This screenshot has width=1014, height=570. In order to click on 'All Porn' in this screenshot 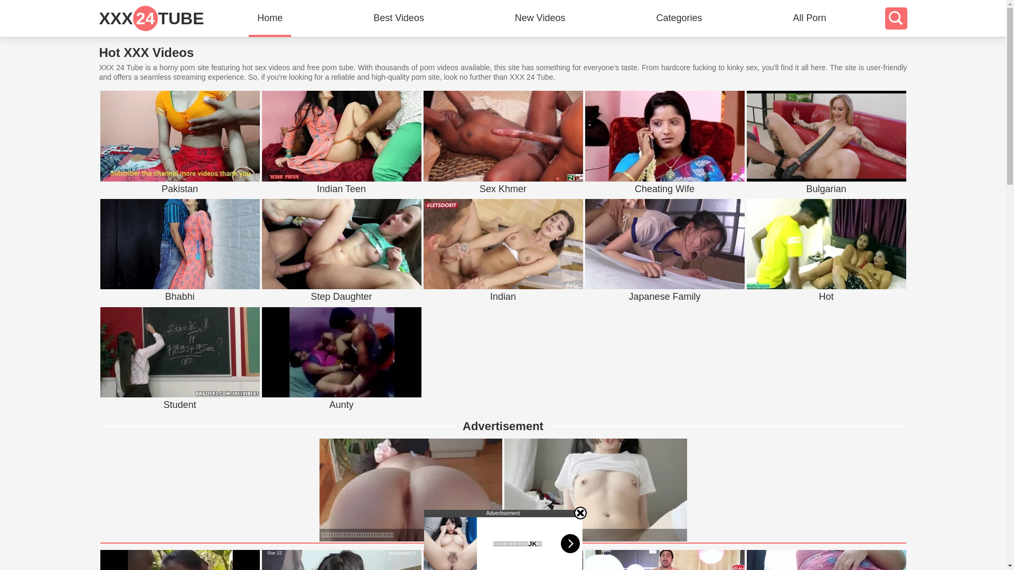, I will do `click(809, 18)`.